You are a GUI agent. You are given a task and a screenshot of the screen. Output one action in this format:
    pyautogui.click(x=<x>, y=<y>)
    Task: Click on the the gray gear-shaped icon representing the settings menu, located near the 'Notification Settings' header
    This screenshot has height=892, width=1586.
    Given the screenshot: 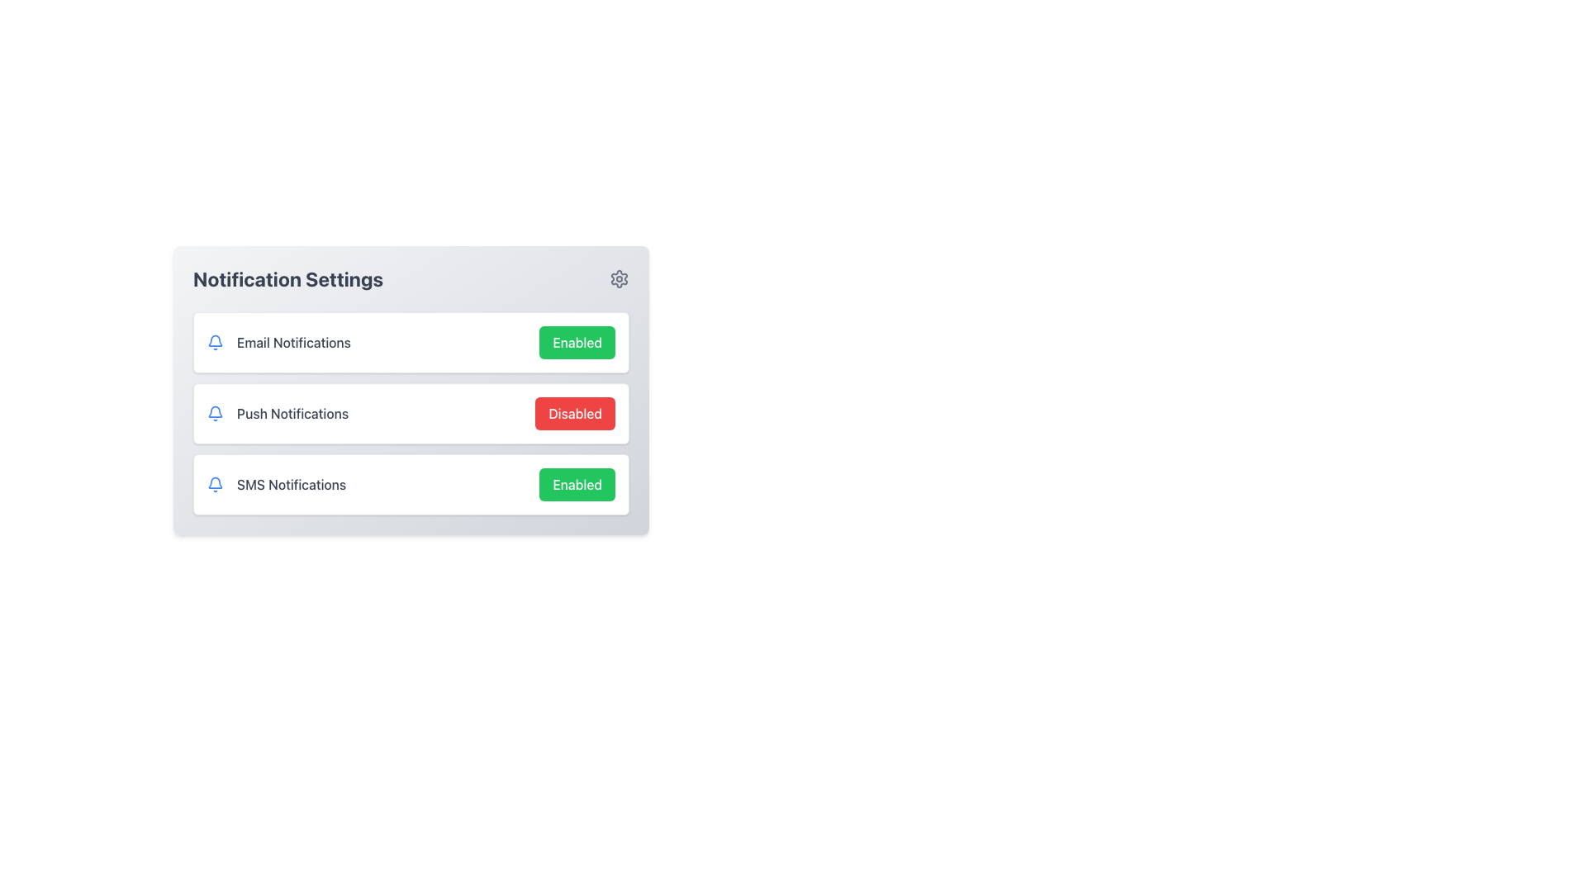 What is the action you would take?
    pyautogui.click(x=618, y=278)
    